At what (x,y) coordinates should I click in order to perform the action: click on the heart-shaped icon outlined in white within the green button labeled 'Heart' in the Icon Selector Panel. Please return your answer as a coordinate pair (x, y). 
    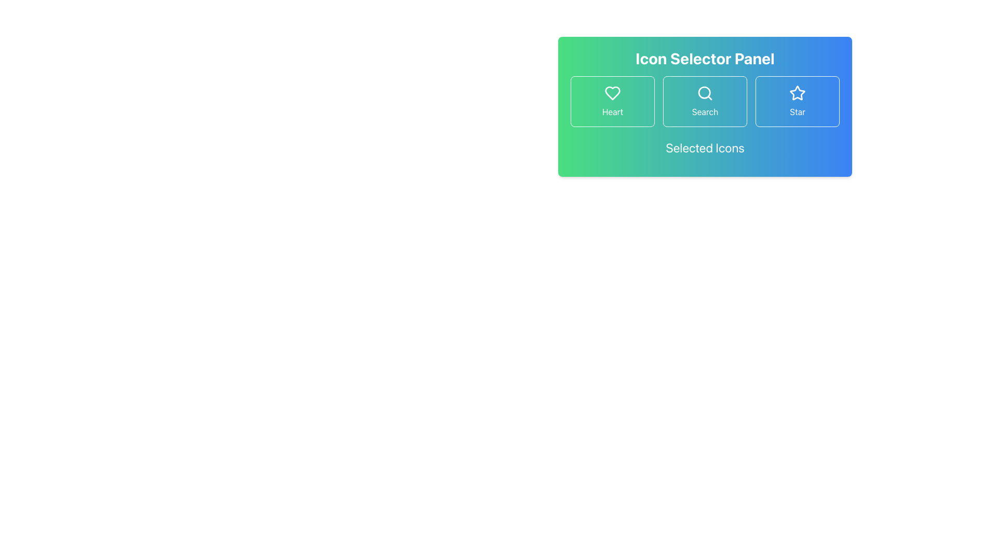
    Looking at the image, I should click on (613, 93).